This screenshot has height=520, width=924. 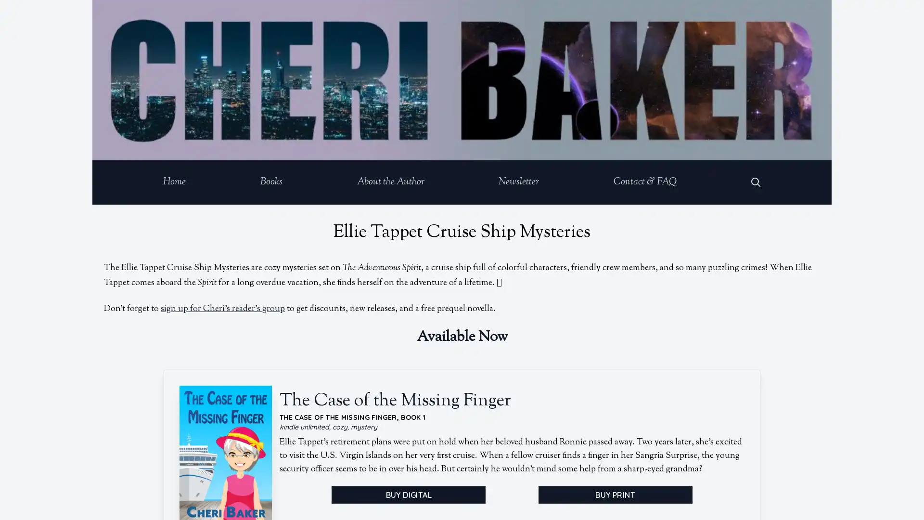 What do you see at coordinates (614, 494) in the screenshot?
I see `BUY PRINT` at bounding box center [614, 494].